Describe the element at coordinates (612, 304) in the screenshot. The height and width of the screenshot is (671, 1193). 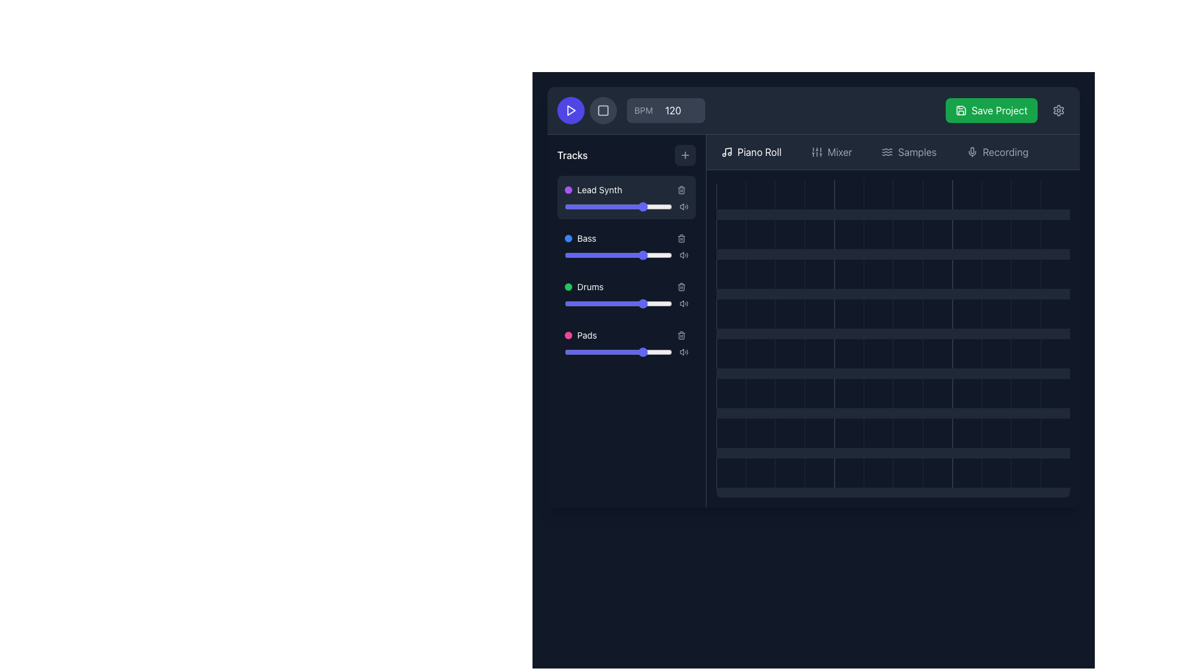
I see `the slider value` at that location.